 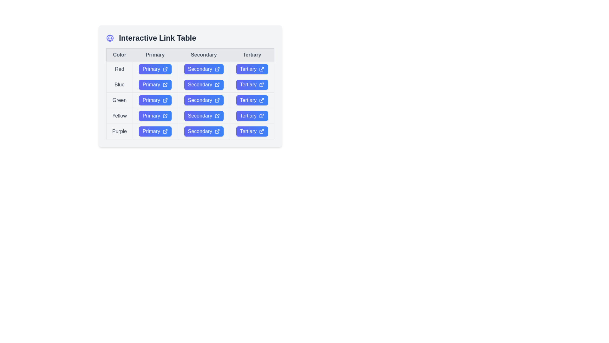 I want to click on the interactive link in the 'Secondary' column of the 'Yellow' row, so click(x=190, y=116).